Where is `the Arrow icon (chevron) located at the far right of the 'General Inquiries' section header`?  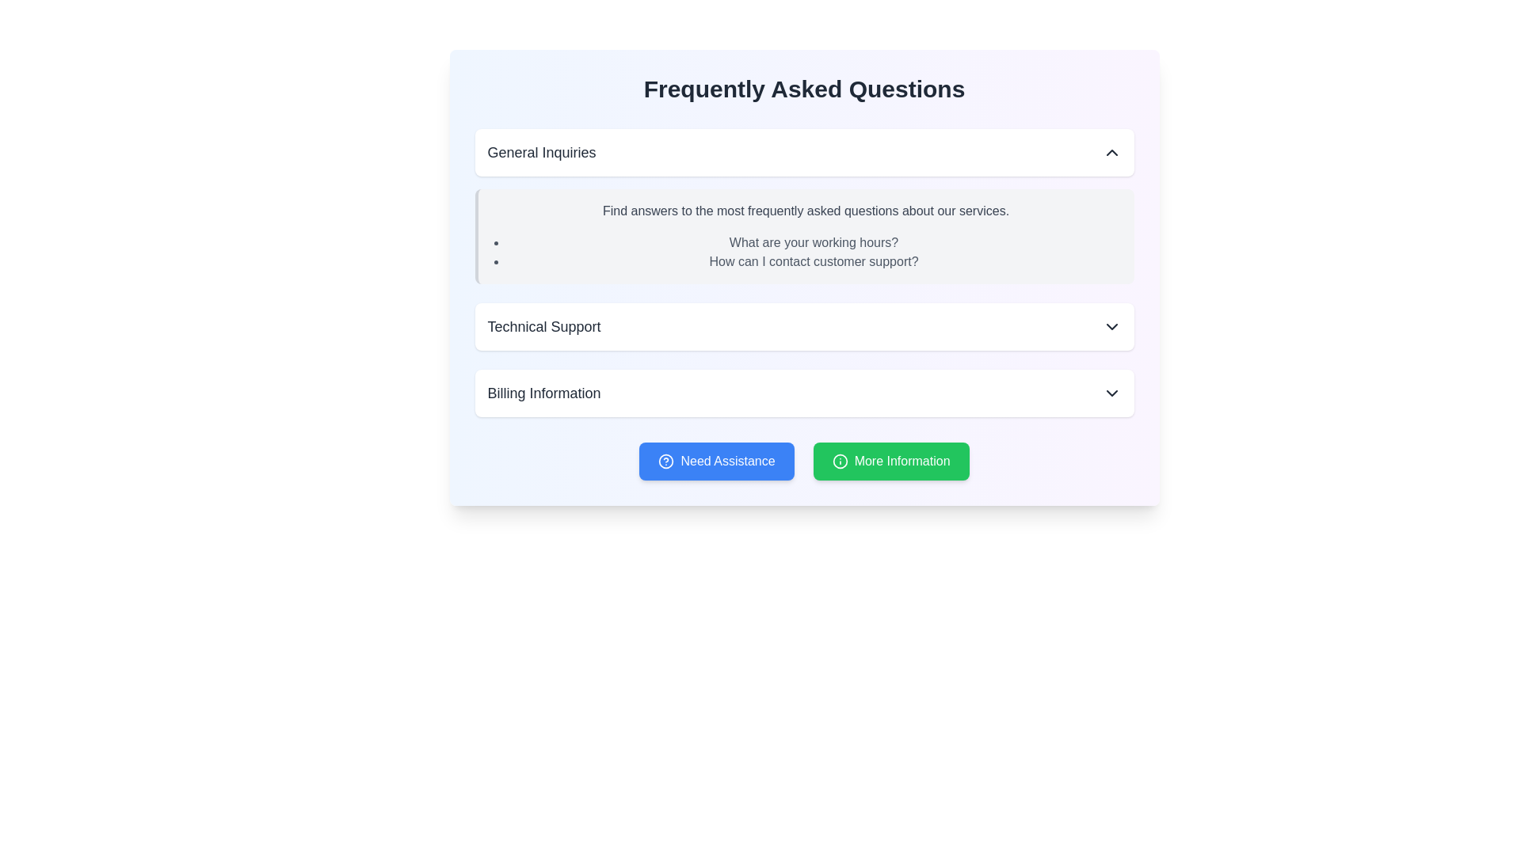
the Arrow icon (chevron) located at the far right of the 'General Inquiries' section header is located at coordinates (1111, 152).